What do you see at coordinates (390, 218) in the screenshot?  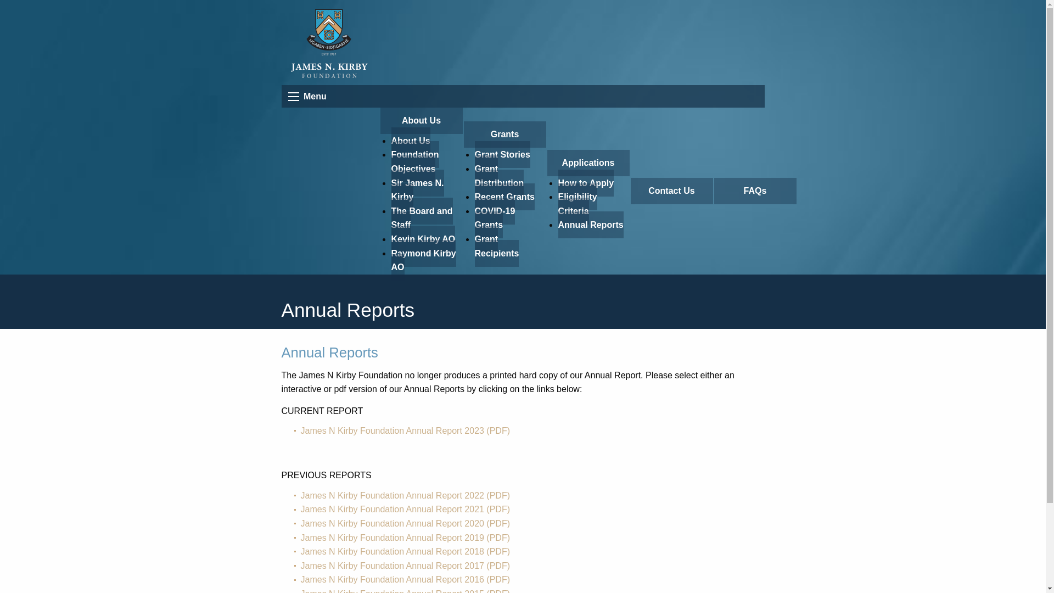 I see `'The Board and Staff'` at bounding box center [390, 218].